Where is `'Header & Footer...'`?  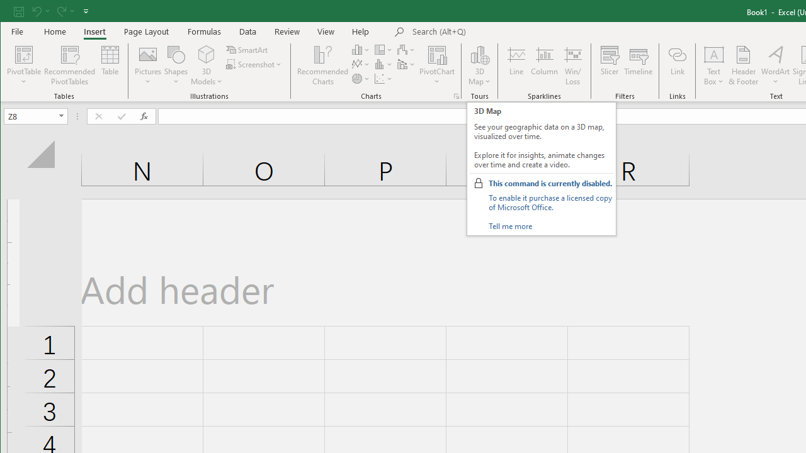
'Header & Footer...' is located at coordinates (743, 65).